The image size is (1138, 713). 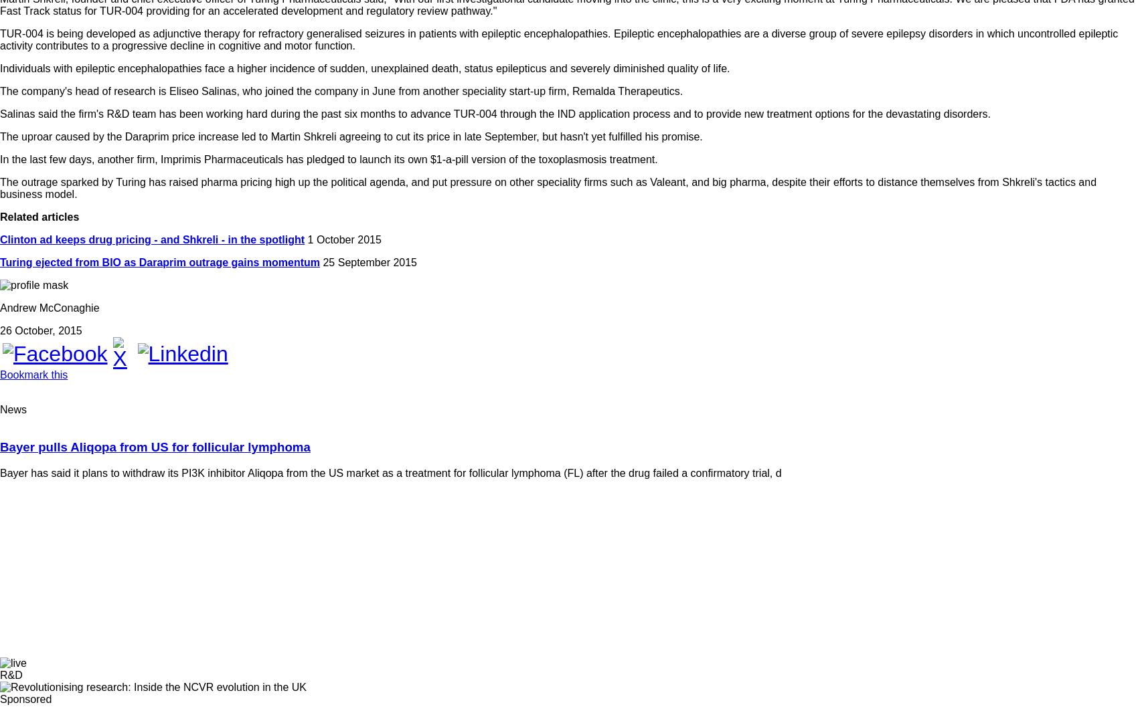 I want to click on 'Bayer has said it plans to withdraw its PI3K inhibitor Aliqopa from the US market as a treatment for follicular lymphoma (FL) after the drug failed a confirmatory trial, d', so click(x=390, y=472).